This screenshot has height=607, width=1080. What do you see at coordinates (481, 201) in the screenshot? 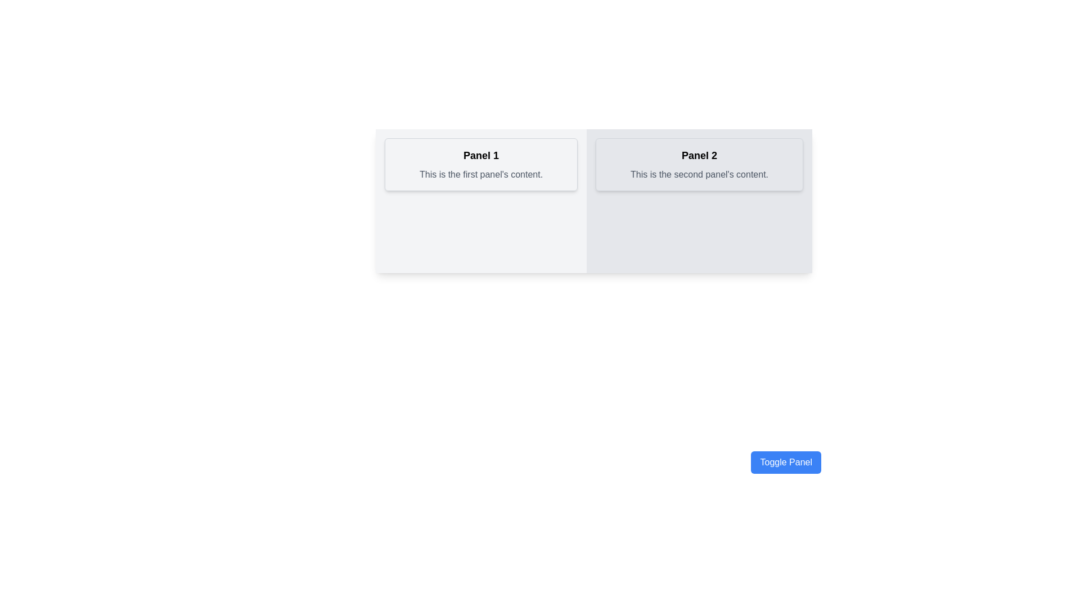
I see `the first card or informational panel located on the left within a two-panel layout` at bounding box center [481, 201].